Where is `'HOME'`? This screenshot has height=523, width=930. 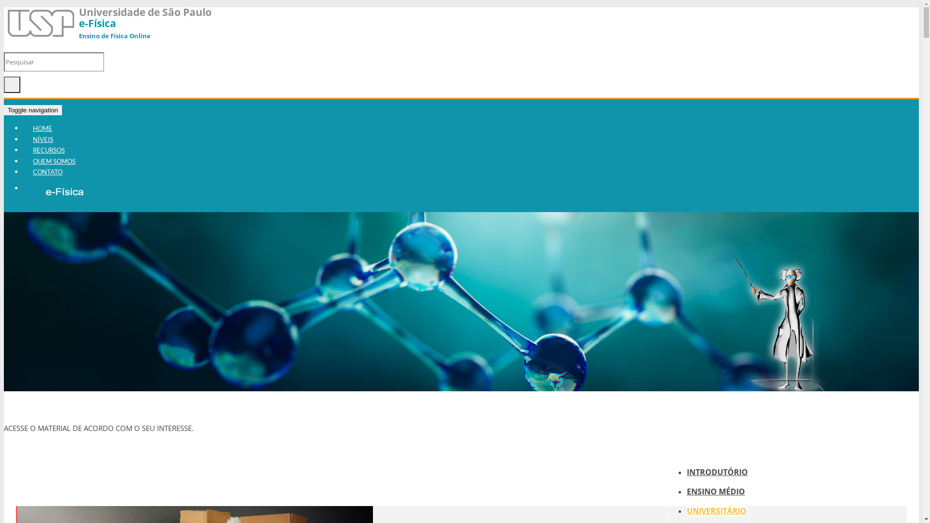 'HOME' is located at coordinates (42, 128).